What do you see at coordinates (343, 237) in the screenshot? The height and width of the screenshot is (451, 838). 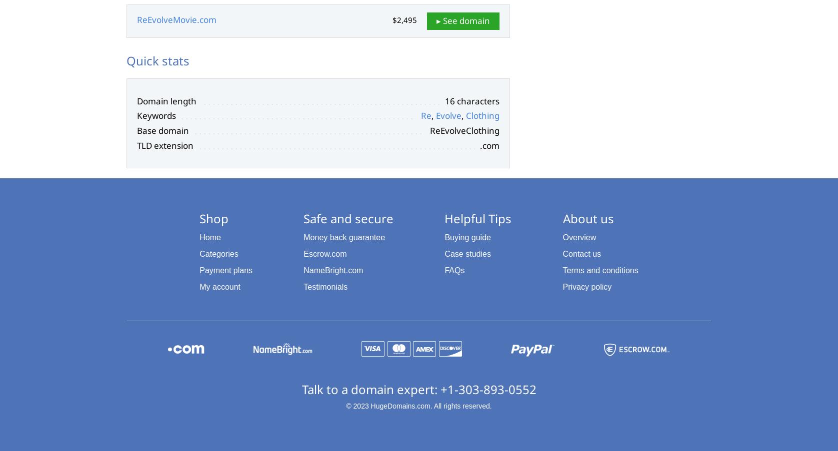 I see `'Money back guarantee'` at bounding box center [343, 237].